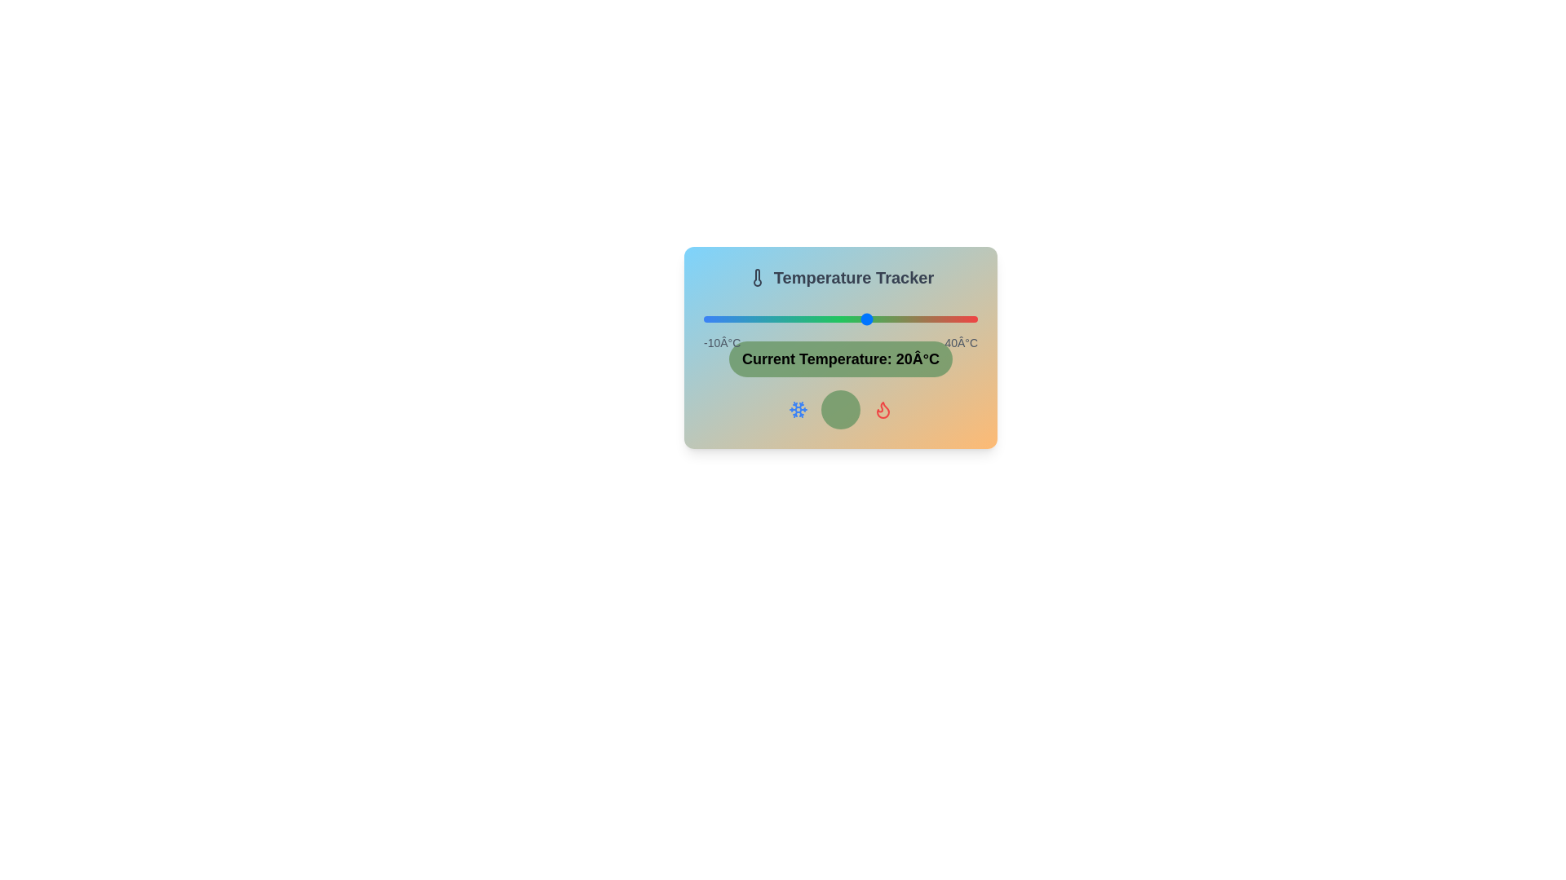 This screenshot has width=1566, height=880. What do you see at coordinates (768, 319) in the screenshot?
I see `the temperature slider to set the temperature to 2°C` at bounding box center [768, 319].